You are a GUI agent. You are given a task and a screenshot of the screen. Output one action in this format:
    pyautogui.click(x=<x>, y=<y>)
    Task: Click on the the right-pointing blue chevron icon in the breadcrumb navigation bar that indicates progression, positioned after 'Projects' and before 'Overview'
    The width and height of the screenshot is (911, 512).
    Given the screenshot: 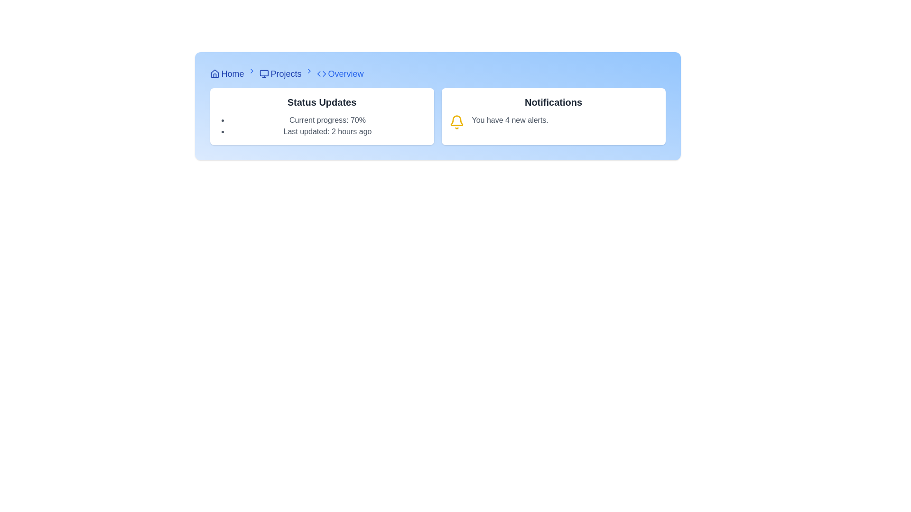 What is the action you would take?
    pyautogui.click(x=309, y=71)
    